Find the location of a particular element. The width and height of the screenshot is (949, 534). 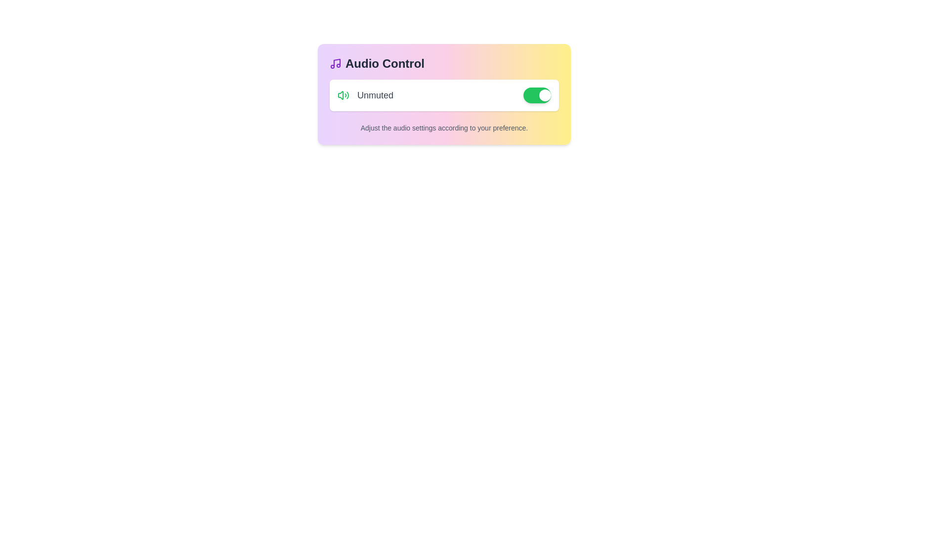

the Static Text Label indicating the current audio setting status, which is 'Unmuted', positioned within the white card on the left side of the toggle switch is located at coordinates (365, 95).